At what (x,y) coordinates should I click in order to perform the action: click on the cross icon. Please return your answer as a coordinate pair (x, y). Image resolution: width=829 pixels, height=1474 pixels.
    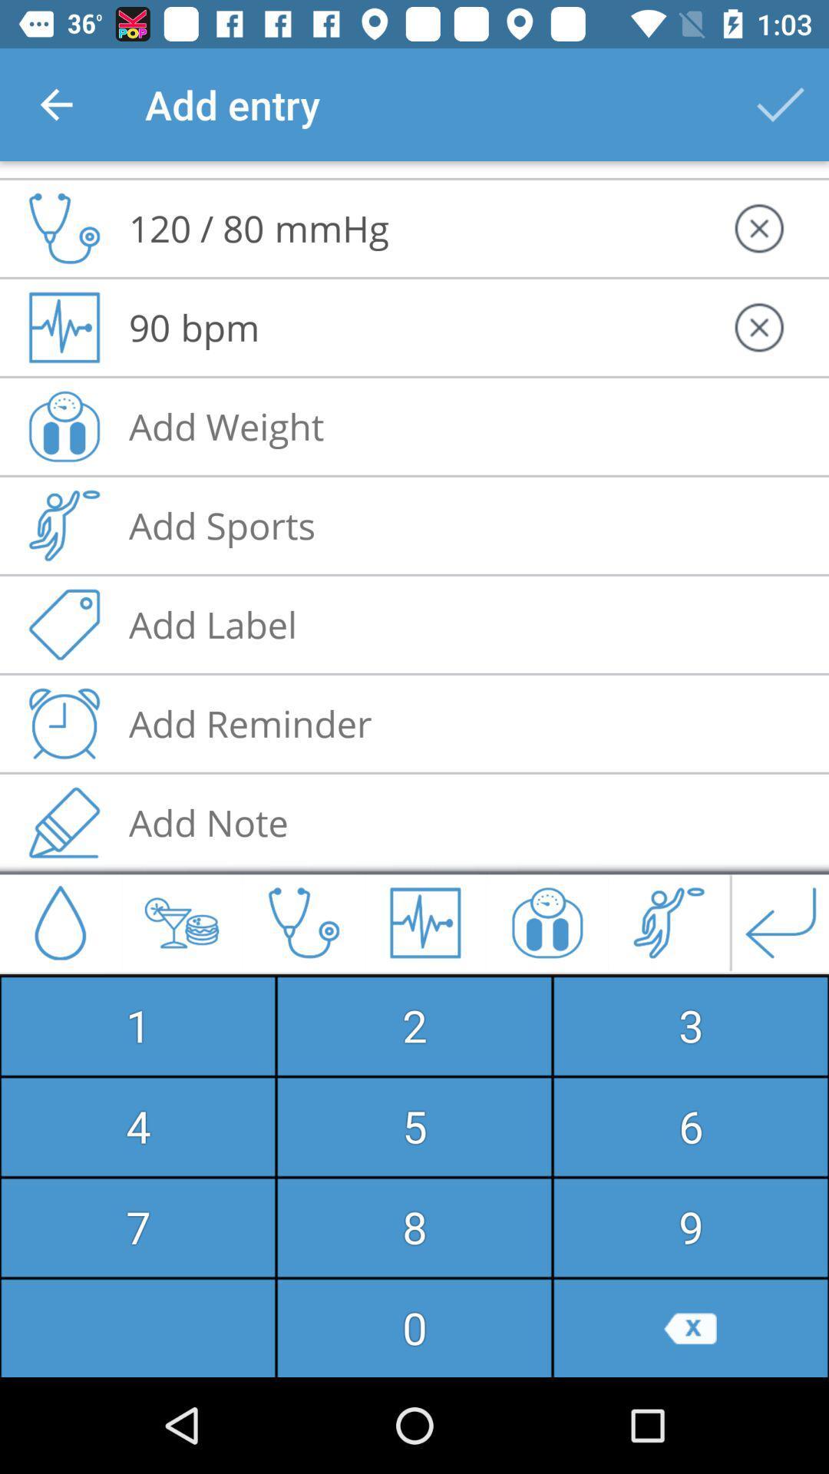
    Looking at the image, I should click on (758, 199).